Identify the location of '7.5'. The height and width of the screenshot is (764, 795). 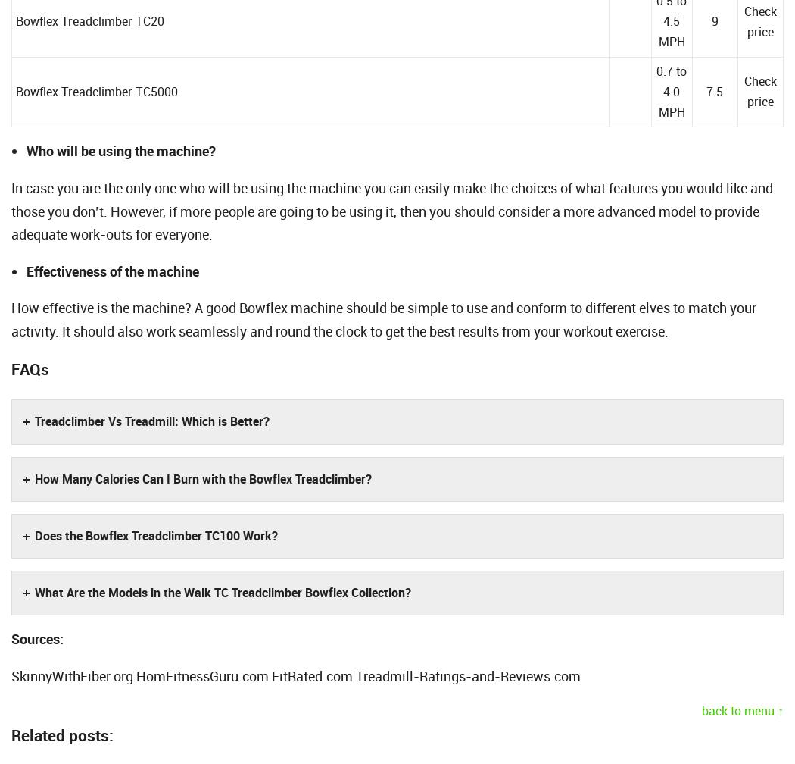
(713, 90).